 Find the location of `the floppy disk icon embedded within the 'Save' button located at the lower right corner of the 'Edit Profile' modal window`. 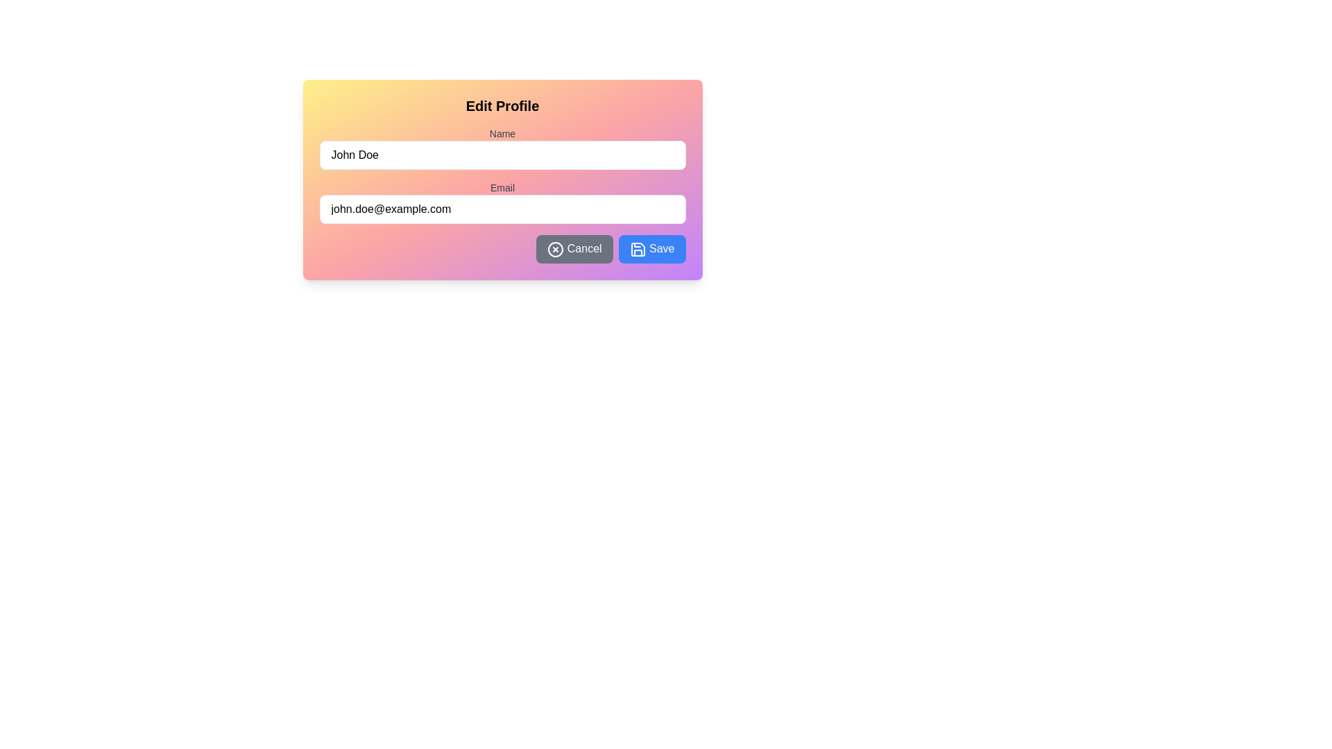

the floppy disk icon embedded within the 'Save' button located at the lower right corner of the 'Edit Profile' modal window is located at coordinates (637, 248).